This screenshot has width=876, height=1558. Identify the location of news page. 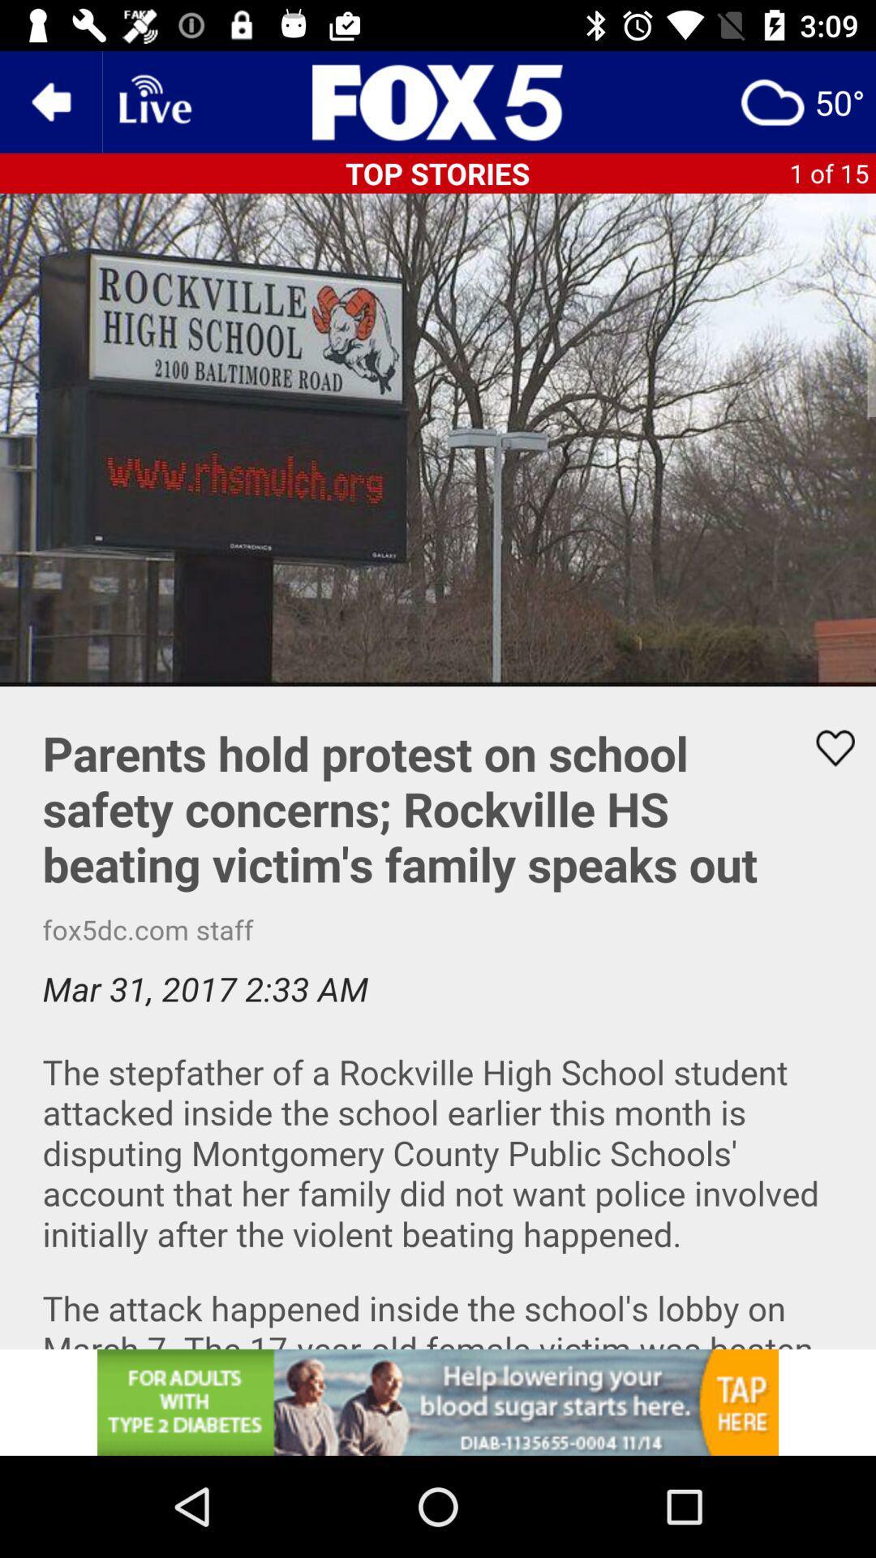
(438, 101).